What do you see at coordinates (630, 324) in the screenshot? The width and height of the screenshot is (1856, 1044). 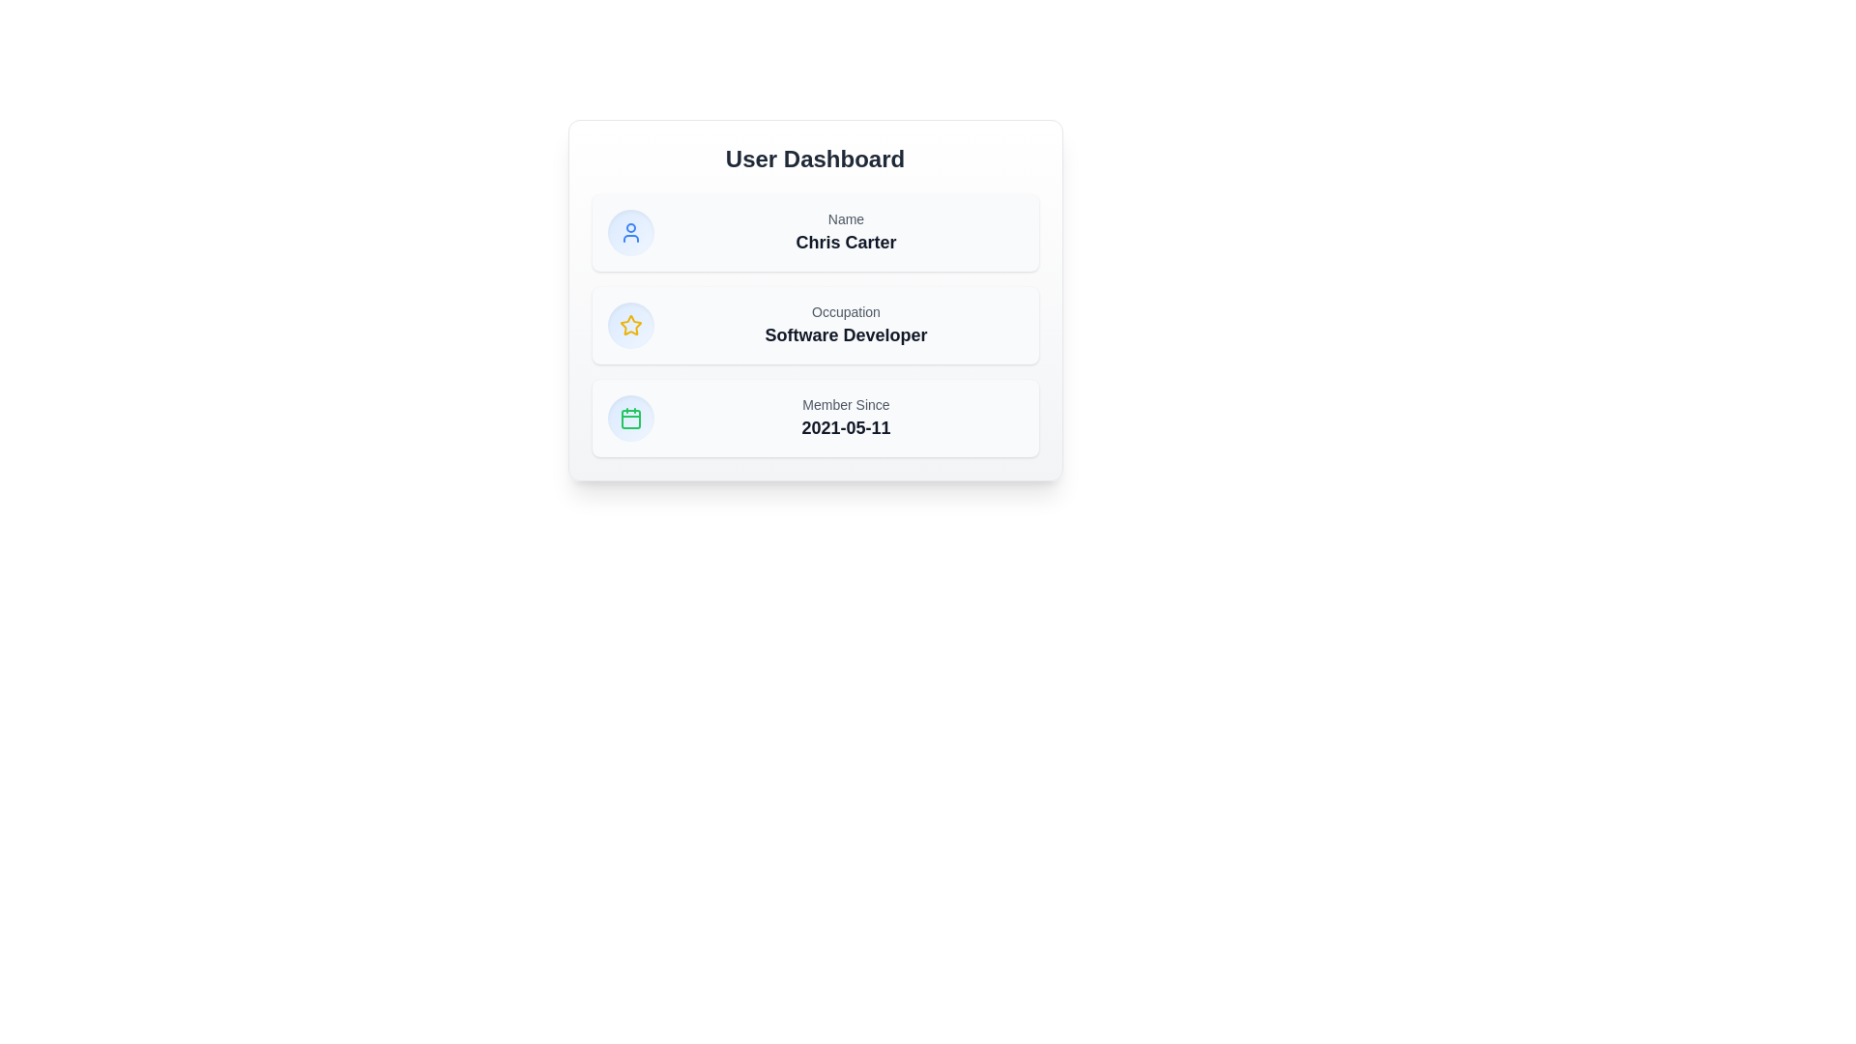 I see `the star icon located in the middle column of the card structure, which represents a rating feature under the 'User Dashboard' section` at bounding box center [630, 324].